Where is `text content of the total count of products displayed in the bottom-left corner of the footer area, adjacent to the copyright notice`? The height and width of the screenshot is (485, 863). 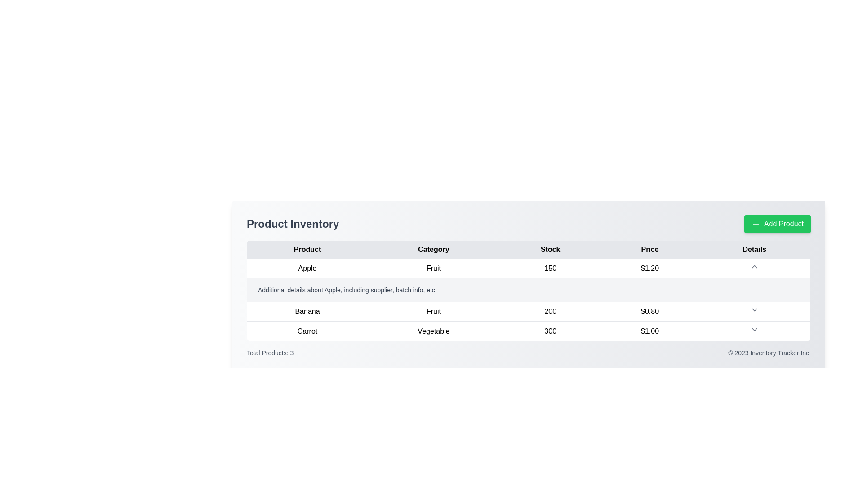 text content of the total count of products displayed in the bottom-left corner of the footer area, adjacent to the copyright notice is located at coordinates (270, 353).